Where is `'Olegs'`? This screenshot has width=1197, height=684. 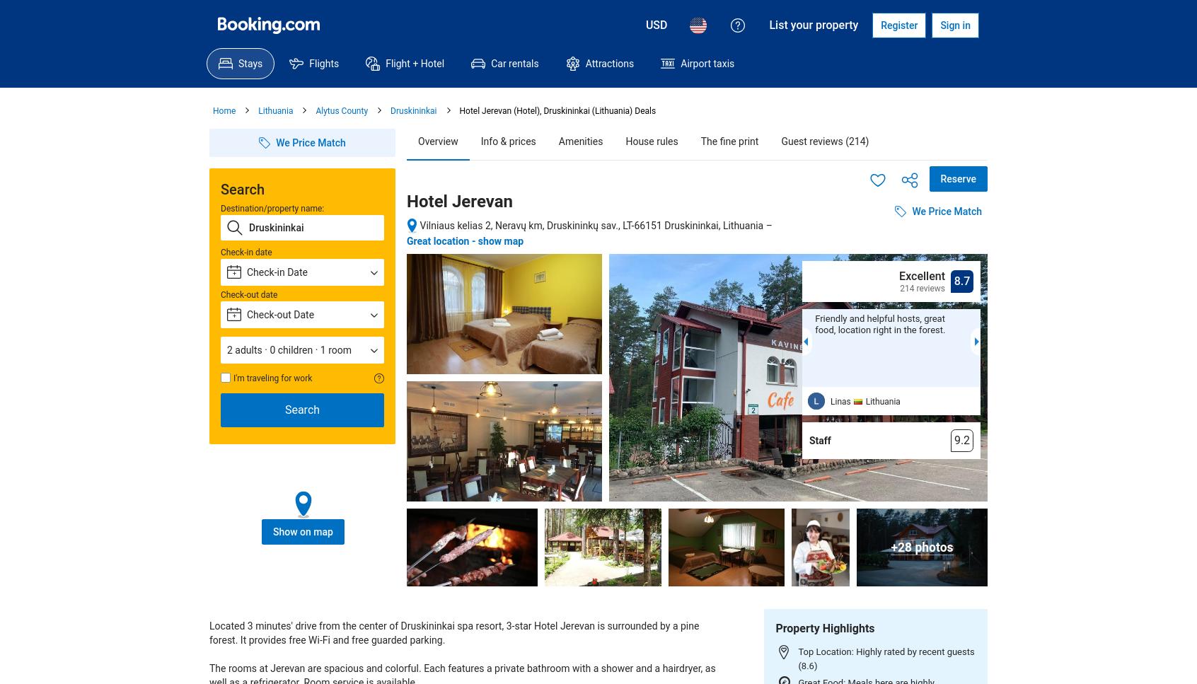
'Olegs' is located at coordinates (1019, 401).